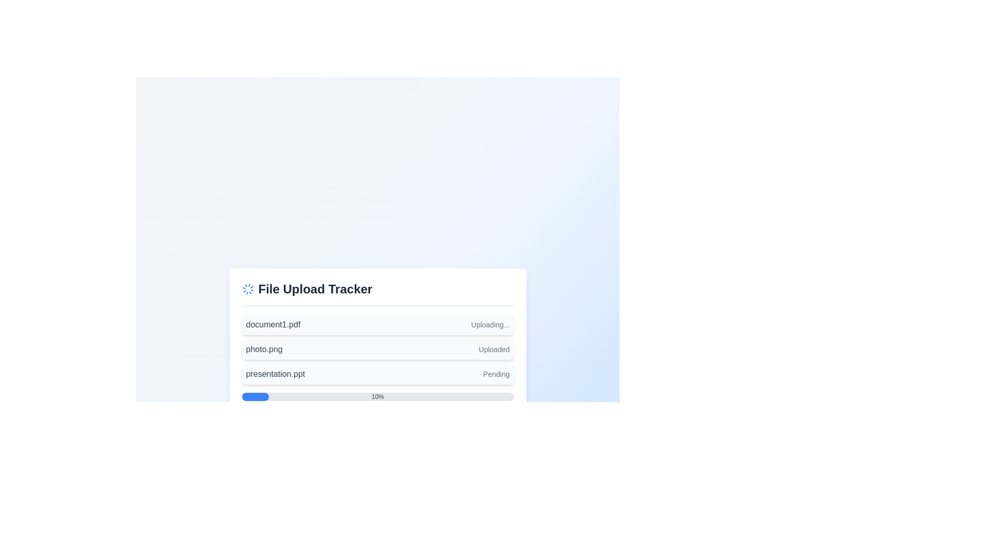  Describe the element at coordinates (377, 349) in the screenshot. I see `the informative status display bar that indicates the file 'photo.png' has been successfully uploaded` at that location.